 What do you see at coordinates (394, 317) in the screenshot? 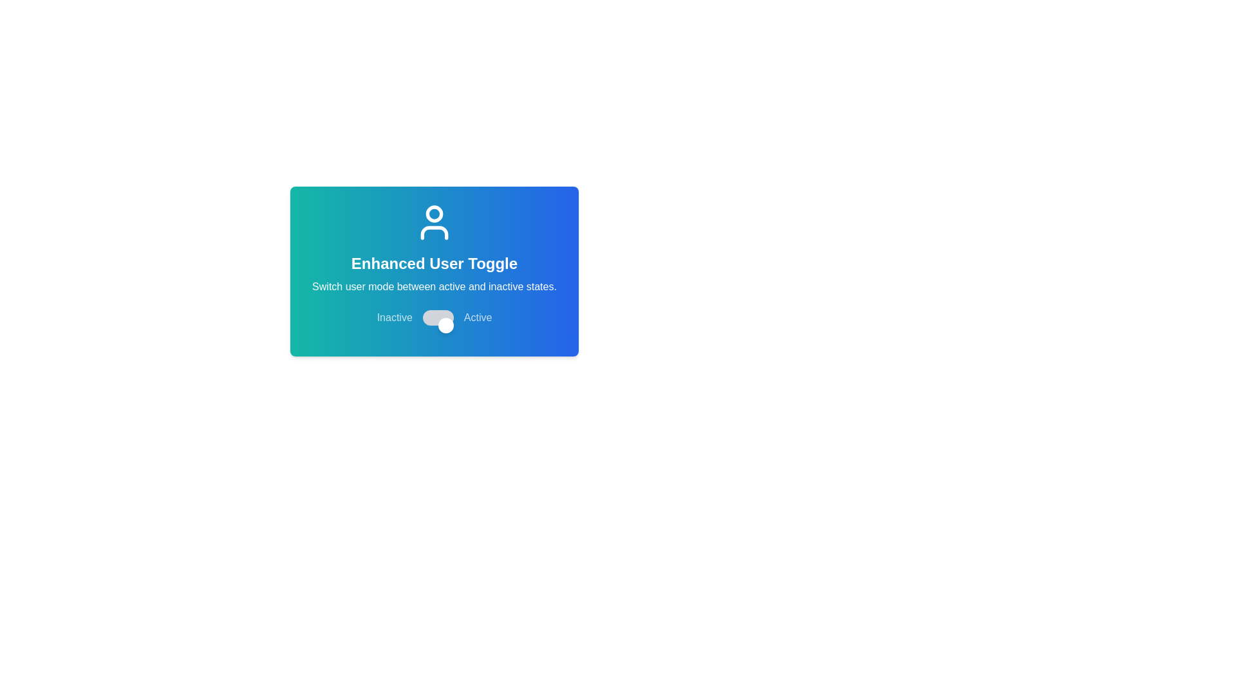
I see `the 'inactive' state text label that is positioned to the left of the toggle switch and slightly above the 'Active' label` at bounding box center [394, 317].